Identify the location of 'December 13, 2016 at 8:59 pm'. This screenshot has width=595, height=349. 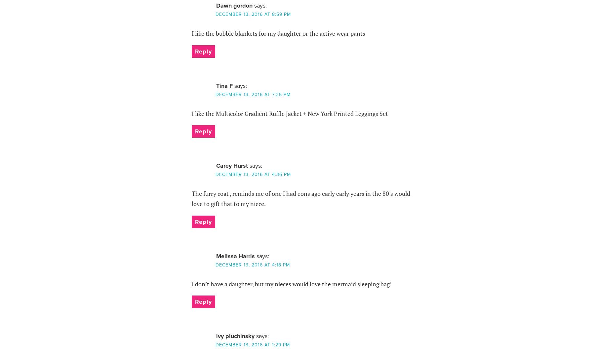
(253, 14).